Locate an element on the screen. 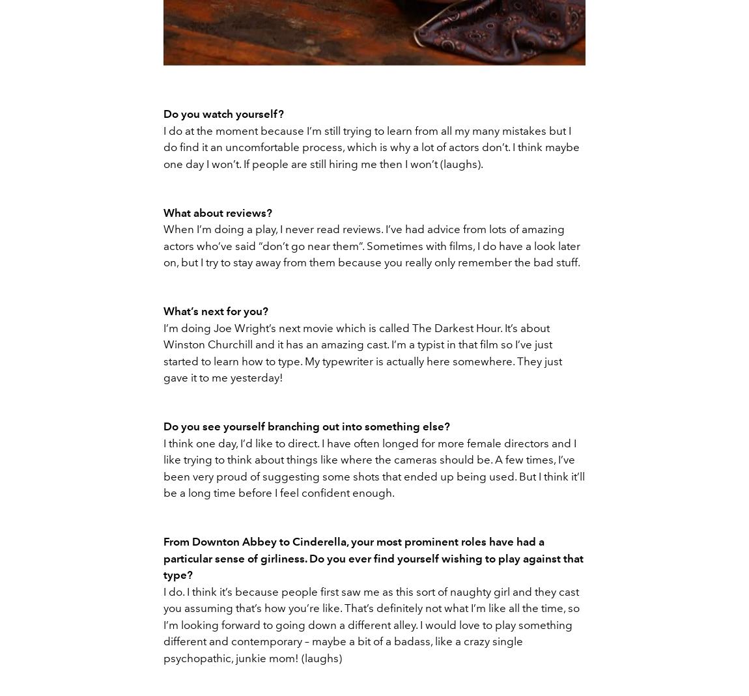  'What’s next for you?' is located at coordinates (216, 310).